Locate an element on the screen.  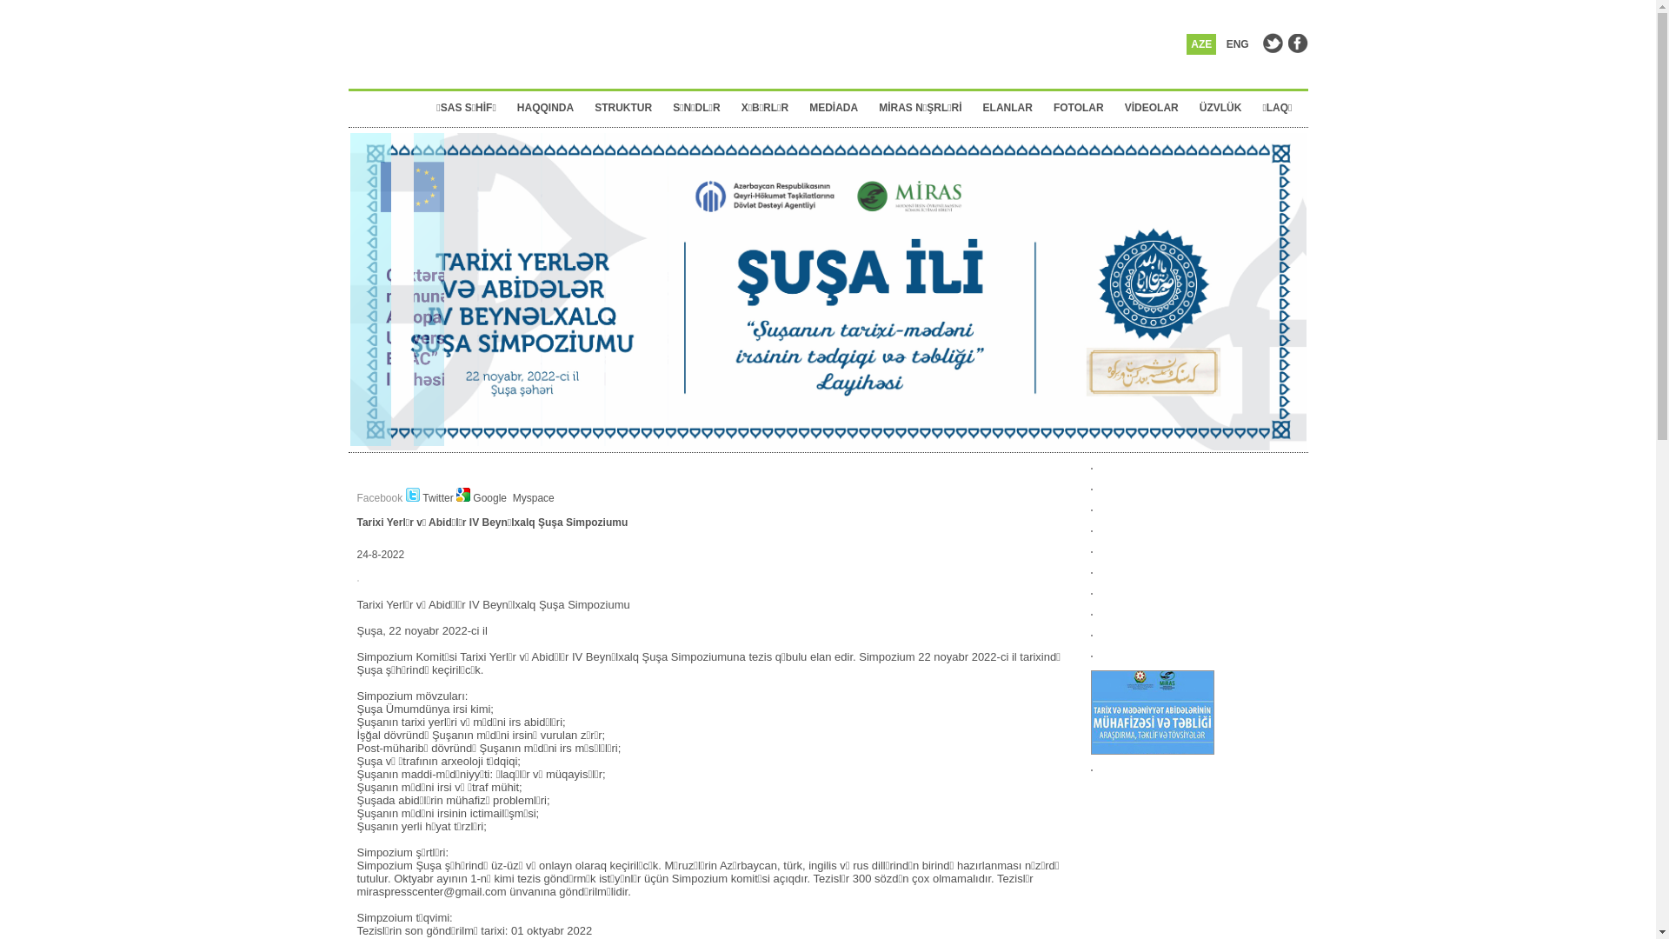
'FOTOLAR' is located at coordinates (1083, 107).